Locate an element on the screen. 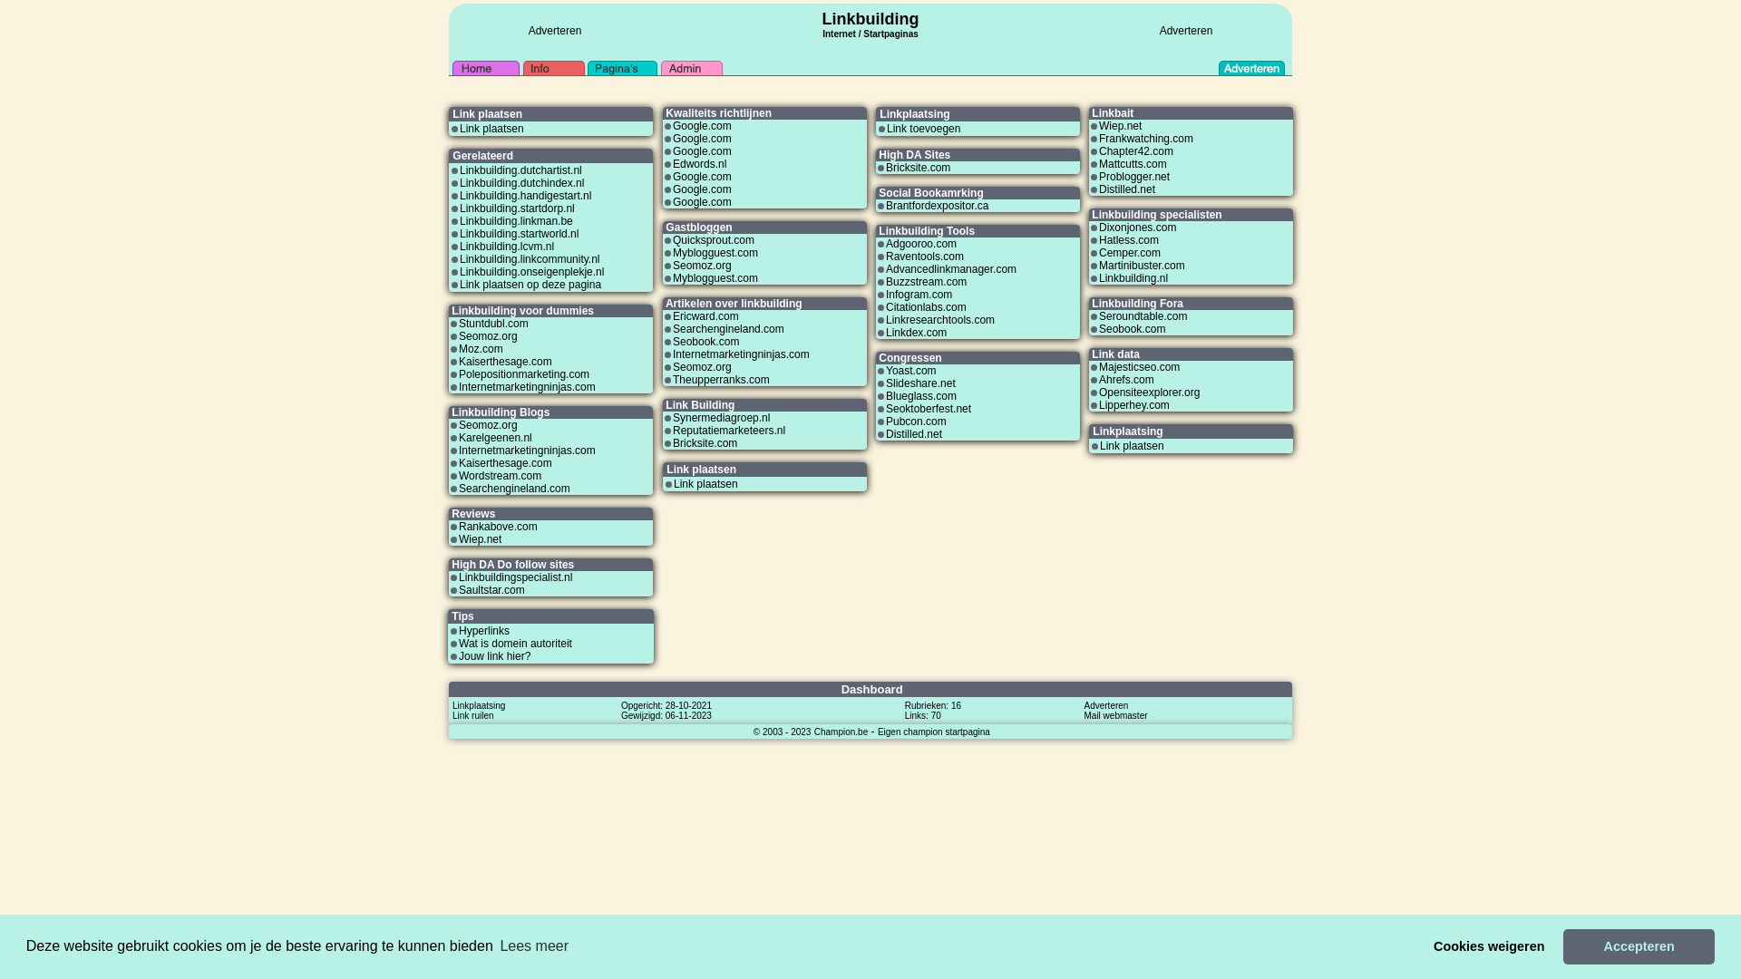 The image size is (1741, 979). 'Linkbuilding.lcvm.nl' is located at coordinates (506, 247).